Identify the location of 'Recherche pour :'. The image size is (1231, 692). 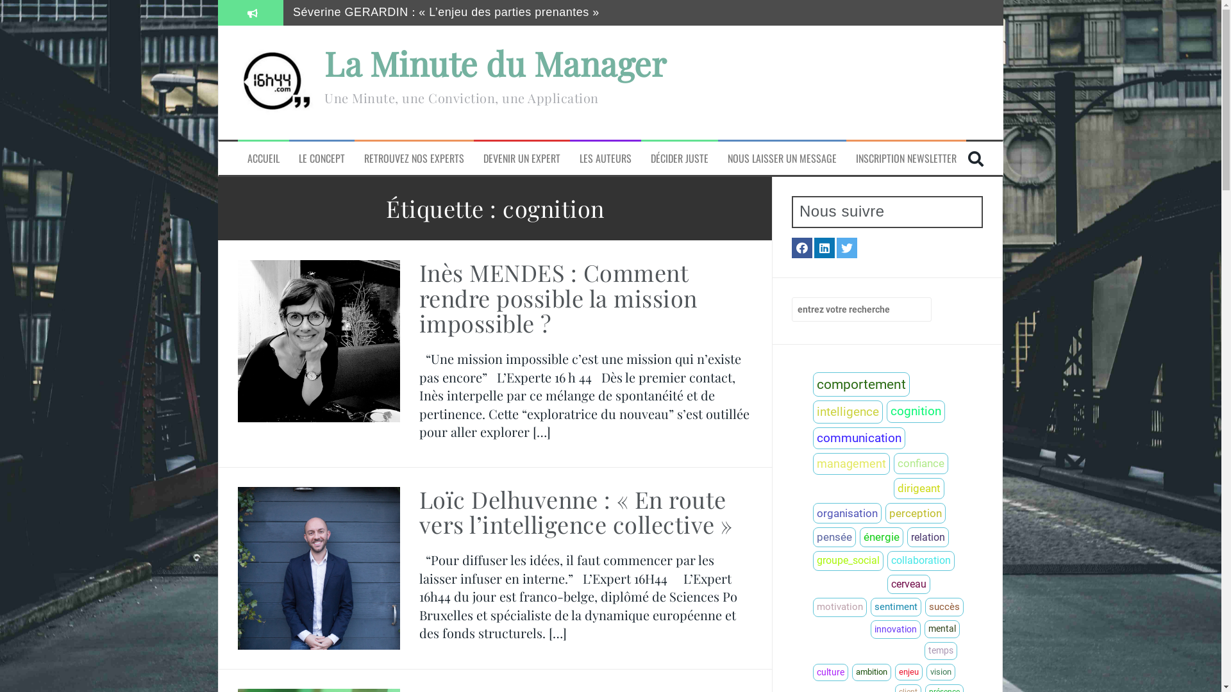
(862, 309).